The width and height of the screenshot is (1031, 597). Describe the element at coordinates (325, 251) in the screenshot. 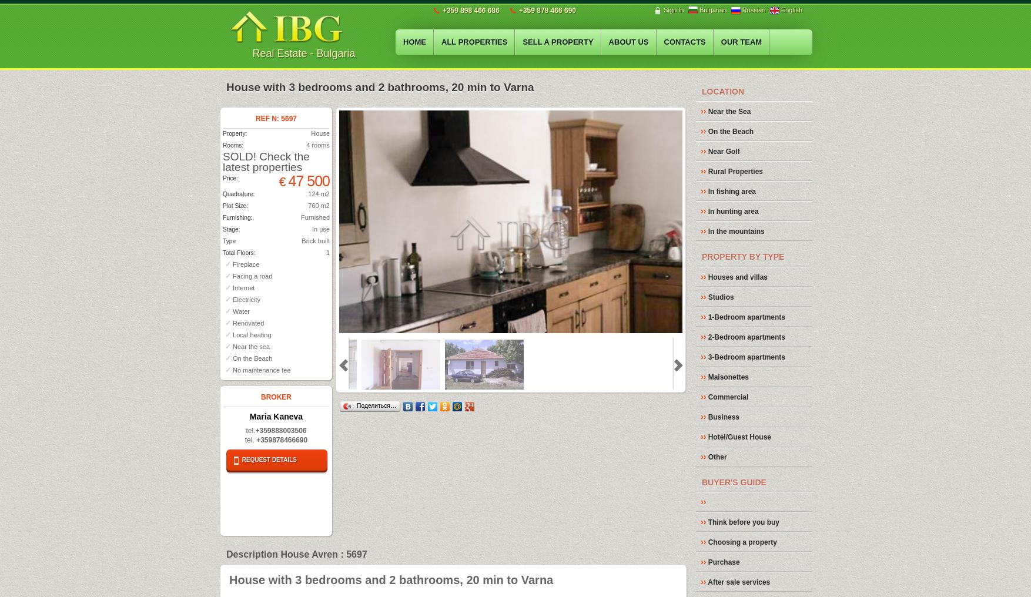

I see `'1'` at that location.